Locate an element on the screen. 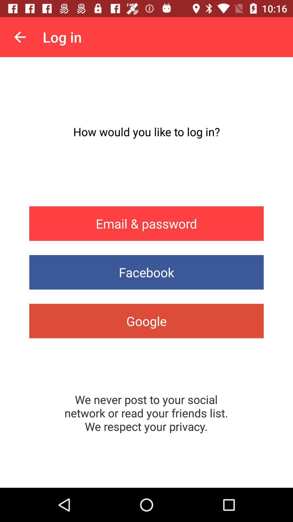 The height and width of the screenshot is (522, 293). google is located at coordinates (146, 321).